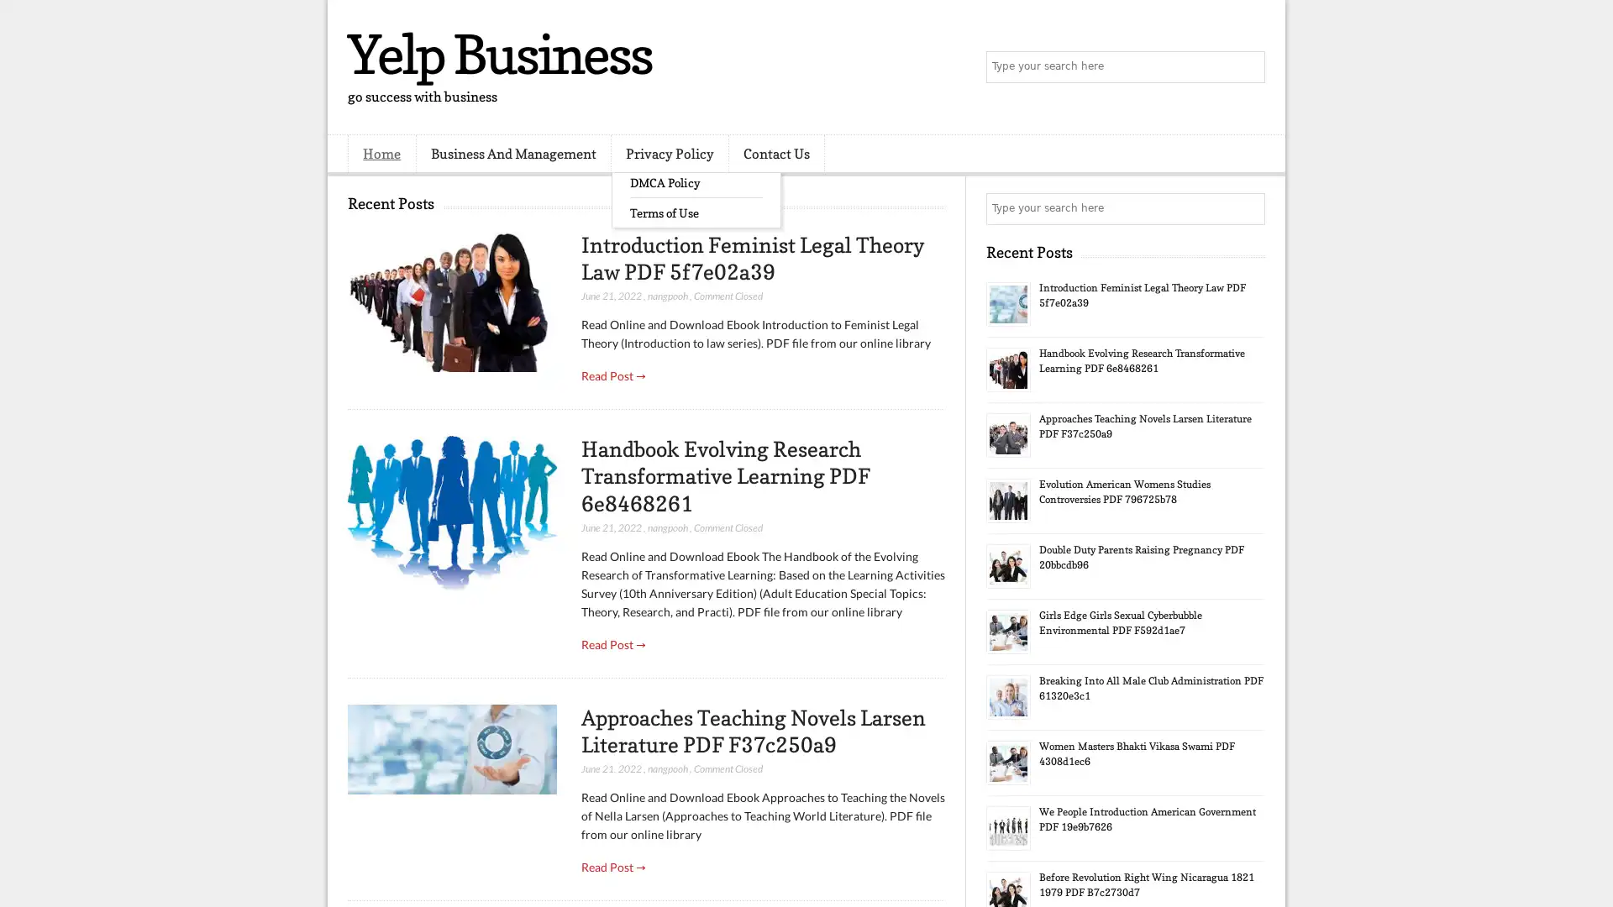 The height and width of the screenshot is (907, 1613). Describe the element at coordinates (1248, 67) in the screenshot. I see `Search` at that location.